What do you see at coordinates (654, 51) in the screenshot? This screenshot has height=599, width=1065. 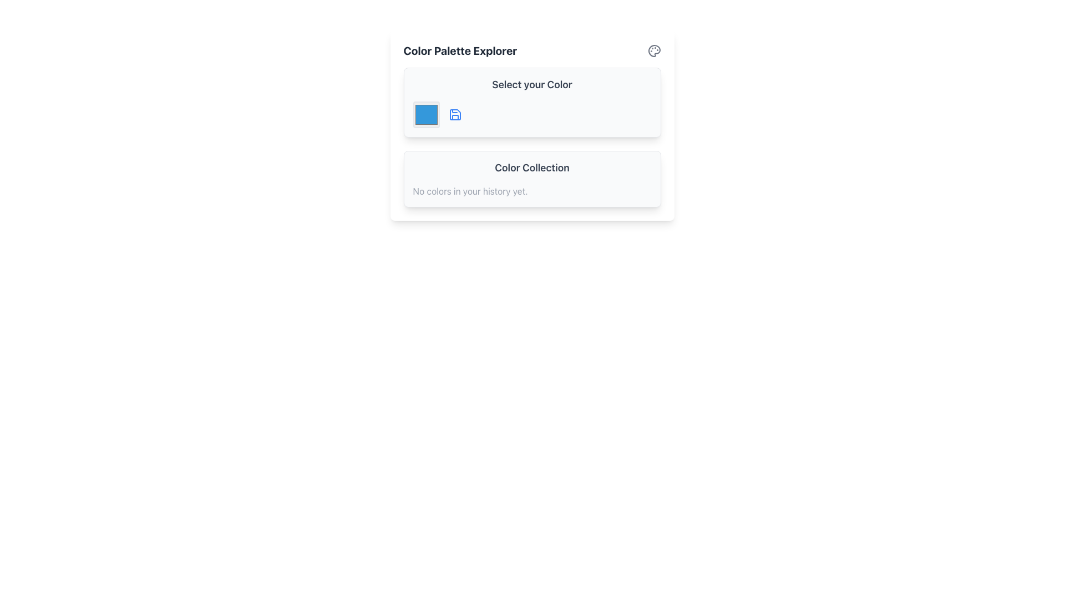 I see `the decorative color palette icon located to the far right of the 'Color Palette Explorer' heading` at bounding box center [654, 51].